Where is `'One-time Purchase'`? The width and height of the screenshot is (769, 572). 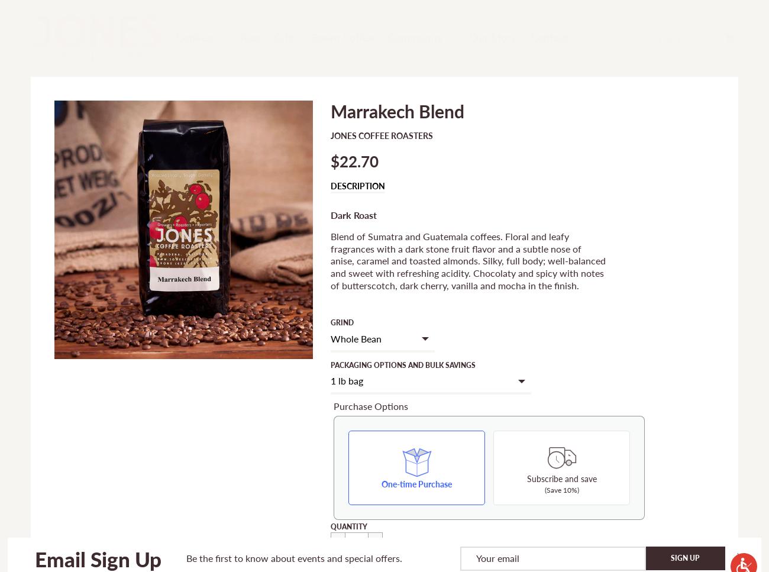
'One-time Purchase' is located at coordinates (416, 483).